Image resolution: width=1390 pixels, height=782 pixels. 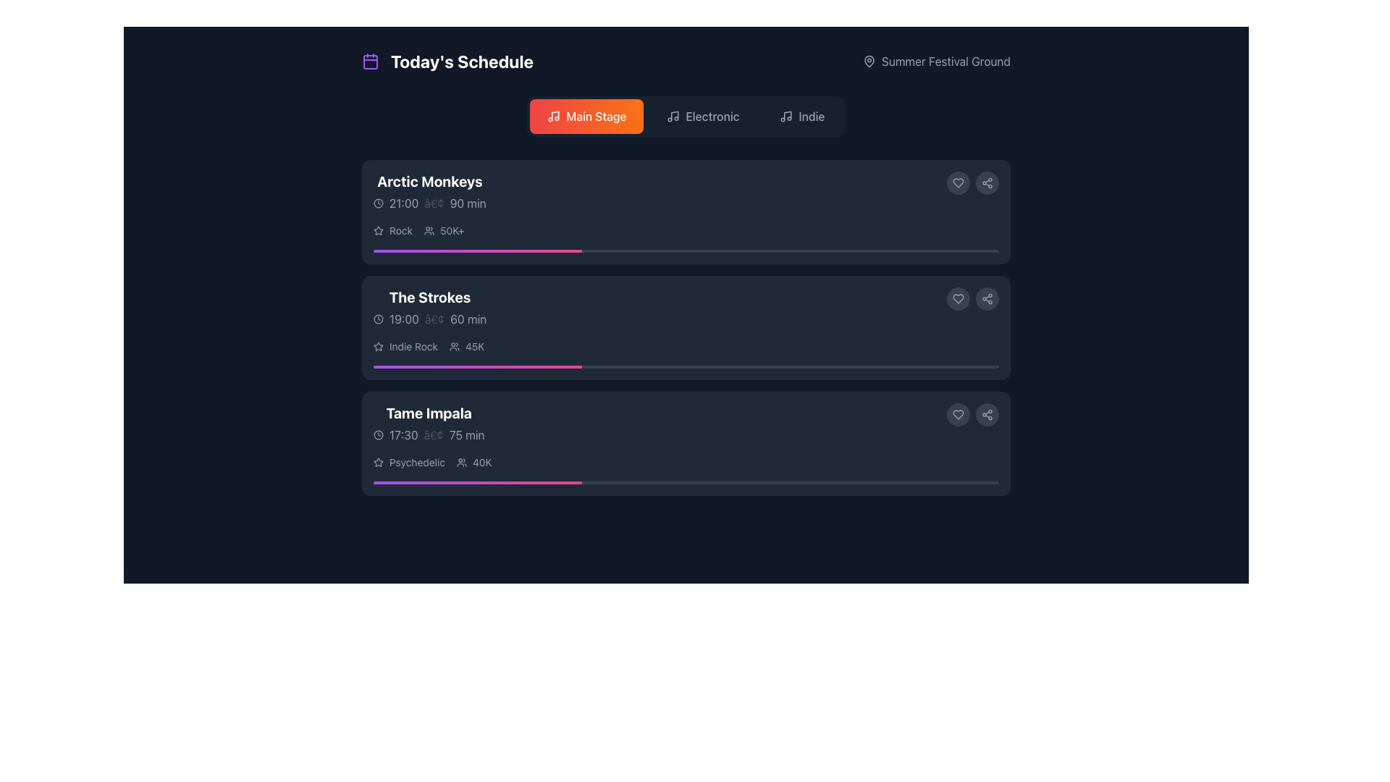 I want to click on the text element labeled 'Psychedelic' with a star icon, located in the lower left of the 'Tame Impala' schedule card, so click(x=408, y=463).